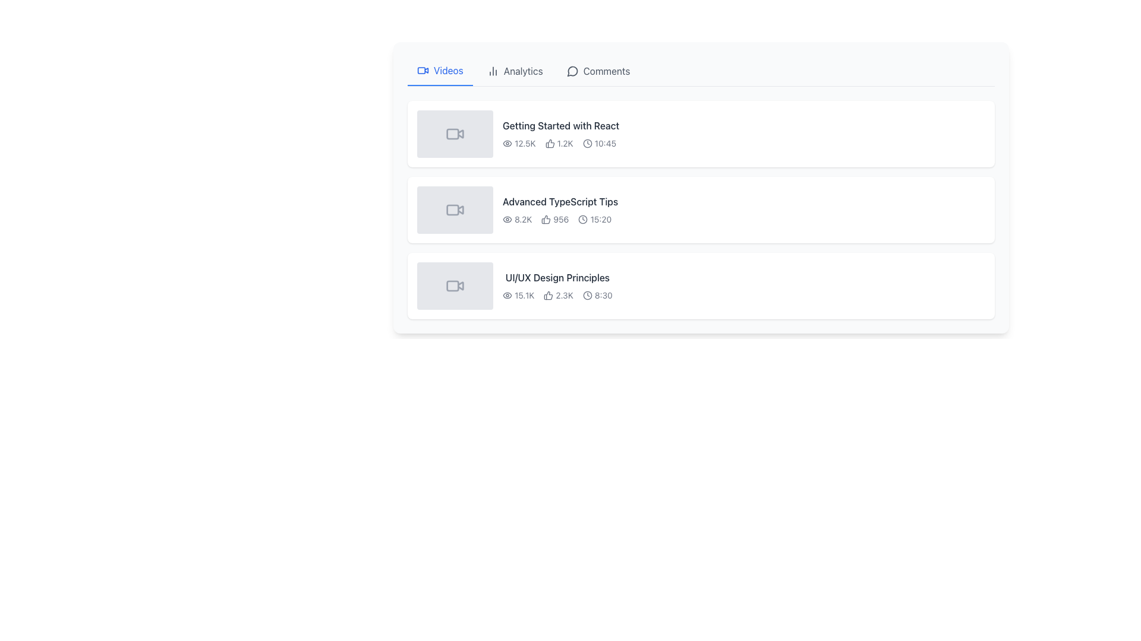 The image size is (1141, 641). What do you see at coordinates (452, 210) in the screenshot?
I see `the recording or play-related icon located to the left of the label 'Advanced TypeScript Tips' in the video interface` at bounding box center [452, 210].